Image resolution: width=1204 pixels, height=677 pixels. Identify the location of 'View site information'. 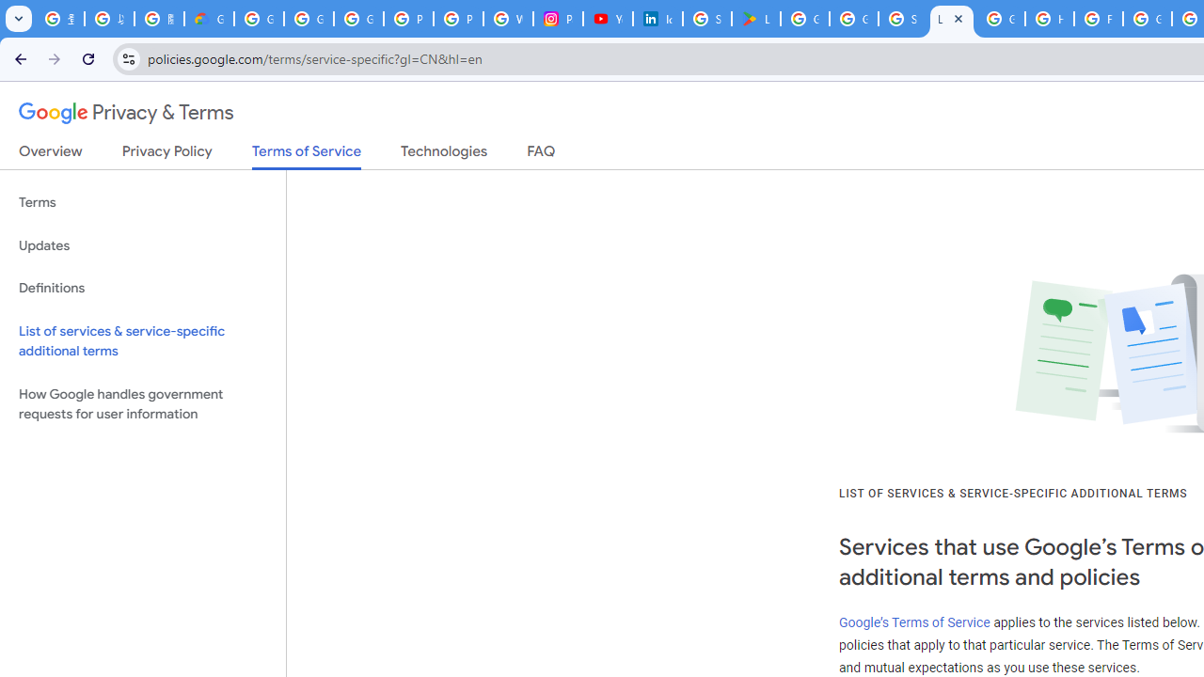
(127, 57).